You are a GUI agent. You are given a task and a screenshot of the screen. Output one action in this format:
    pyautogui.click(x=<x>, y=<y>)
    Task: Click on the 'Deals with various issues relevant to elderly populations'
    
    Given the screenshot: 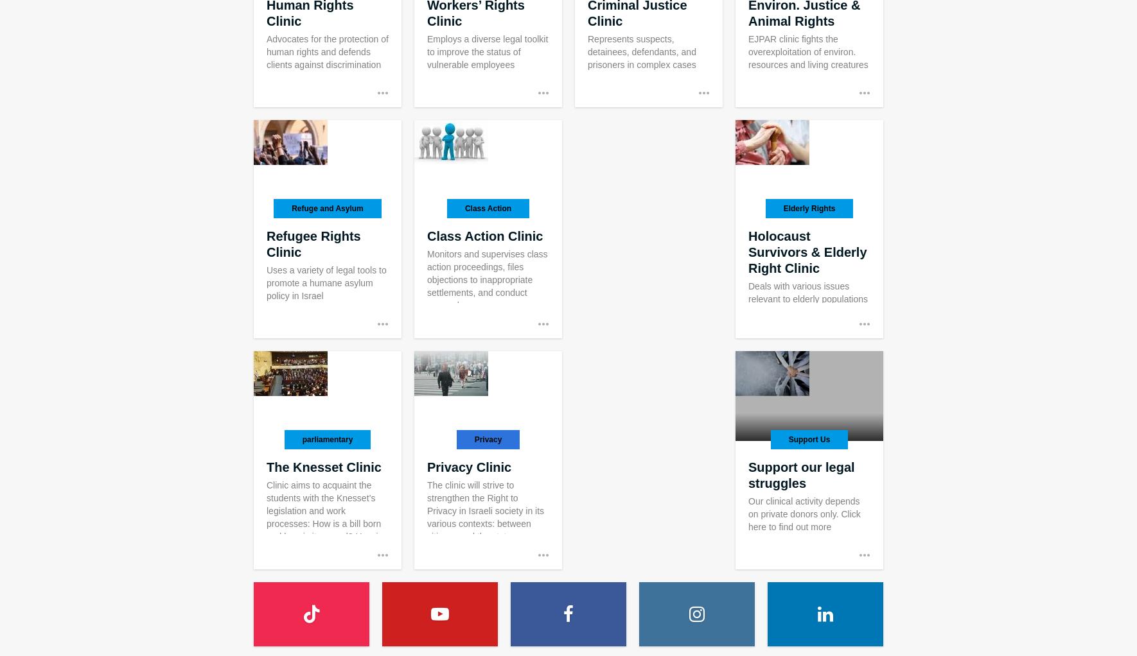 What is the action you would take?
    pyautogui.click(x=807, y=292)
    